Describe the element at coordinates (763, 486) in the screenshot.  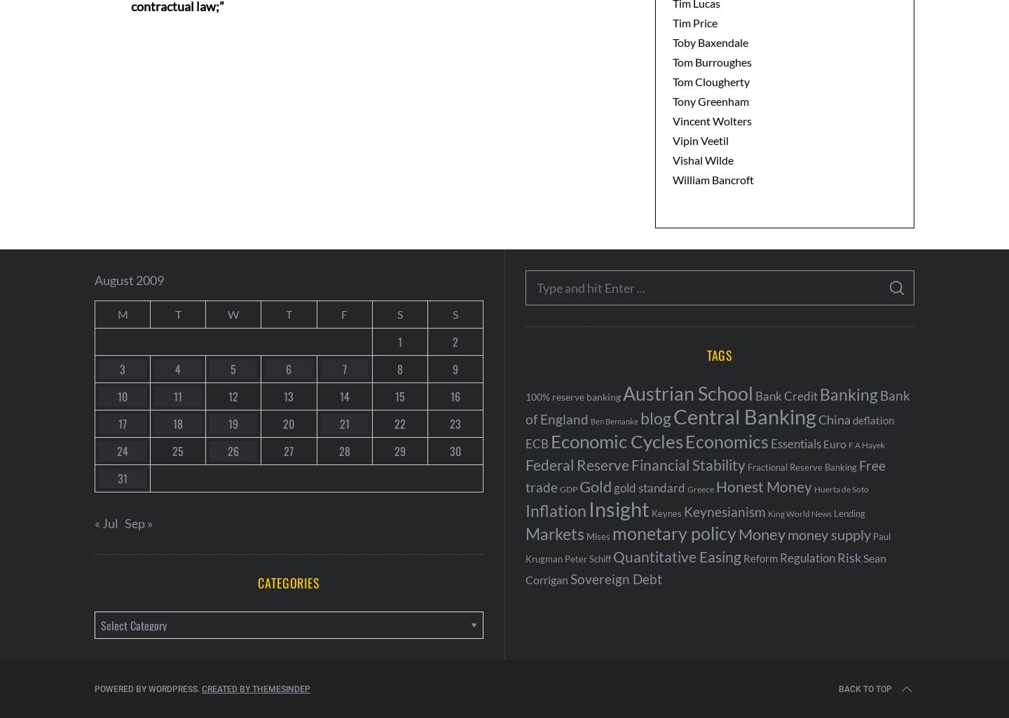
I see `'Honest Money'` at that location.